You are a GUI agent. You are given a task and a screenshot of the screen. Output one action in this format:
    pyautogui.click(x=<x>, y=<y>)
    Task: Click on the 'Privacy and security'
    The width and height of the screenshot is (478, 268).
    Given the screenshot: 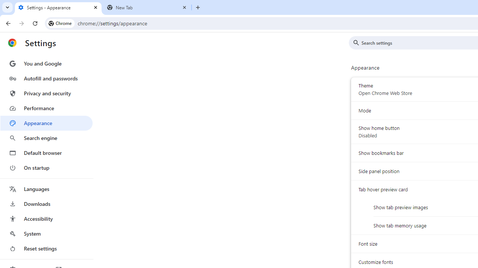 What is the action you would take?
    pyautogui.click(x=46, y=93)
    